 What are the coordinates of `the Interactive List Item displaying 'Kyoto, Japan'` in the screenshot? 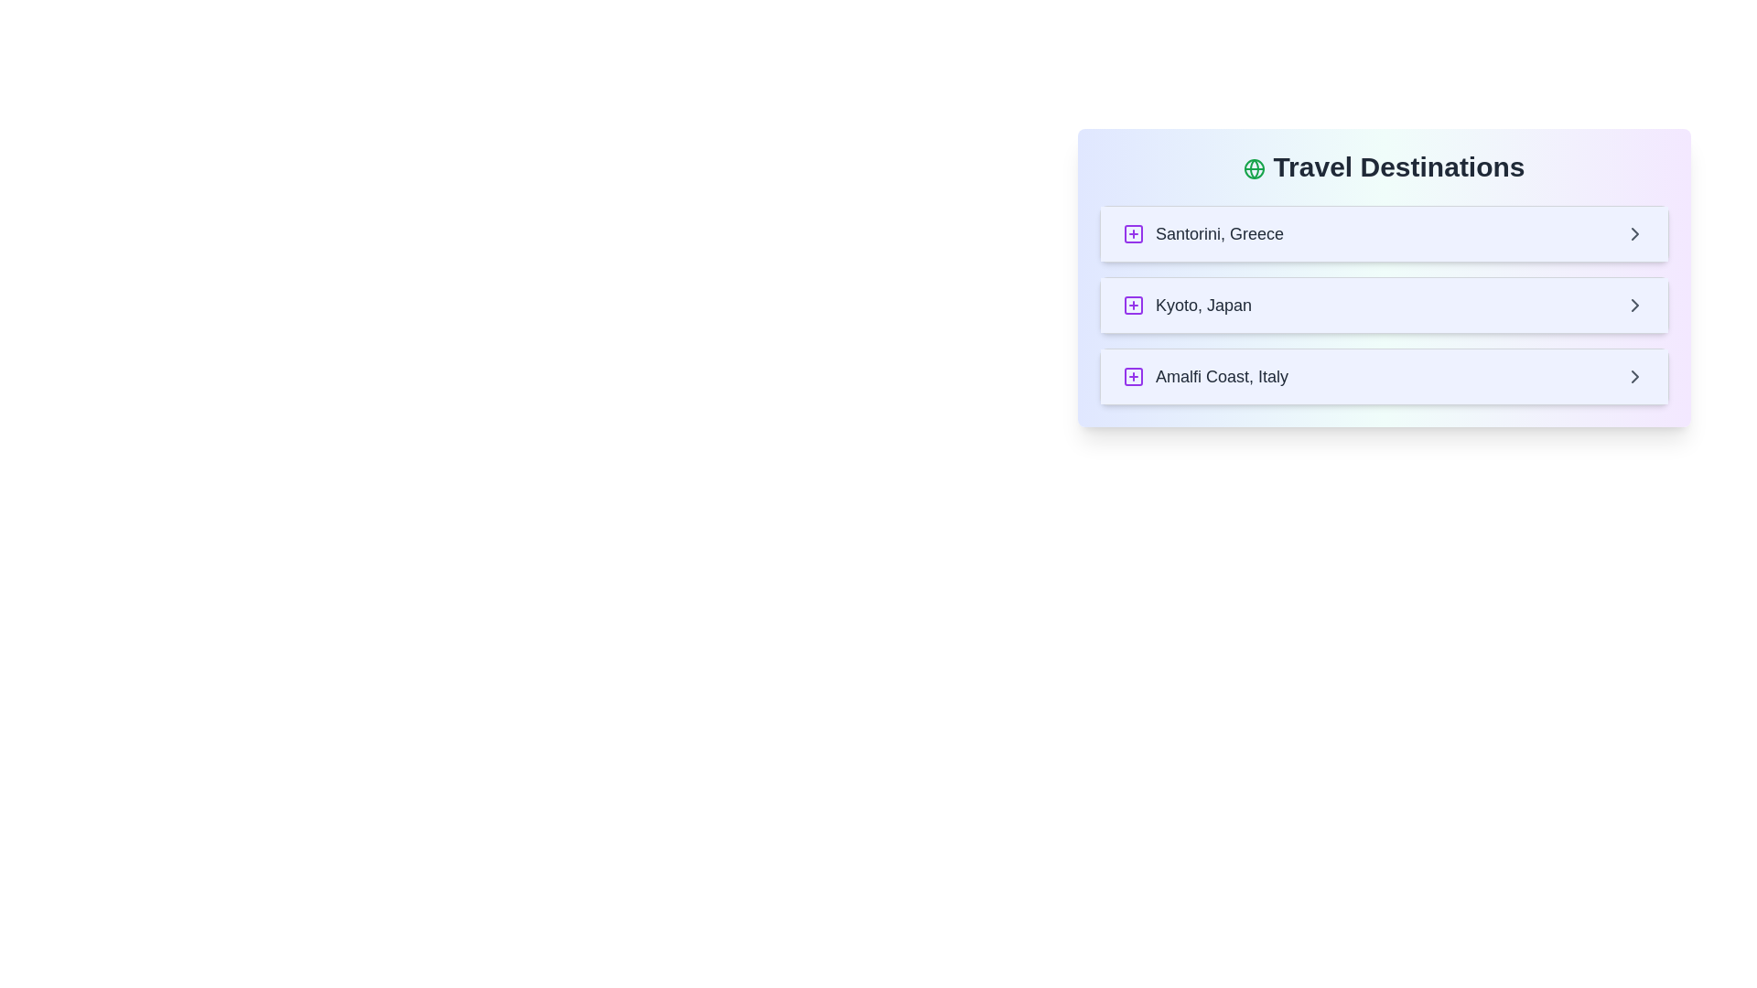 It's located at (1384, 305).